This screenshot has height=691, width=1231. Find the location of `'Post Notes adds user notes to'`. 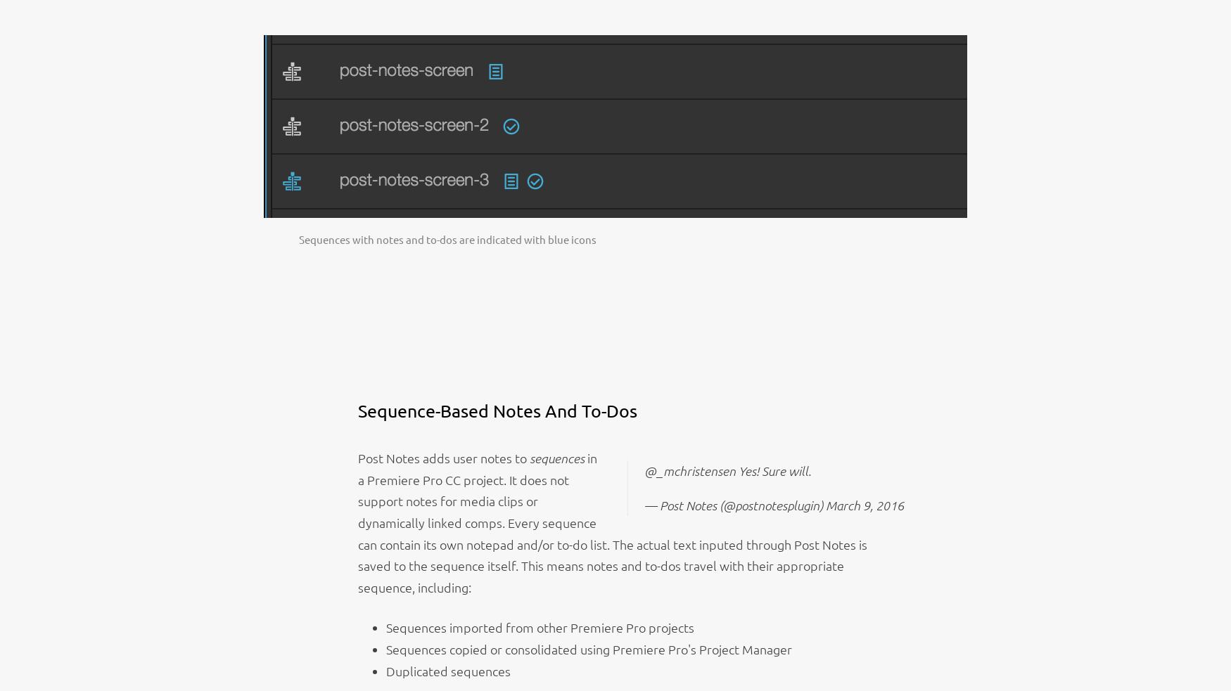

'Post Notes adds user notes to' is located at coordinates (442, 458).